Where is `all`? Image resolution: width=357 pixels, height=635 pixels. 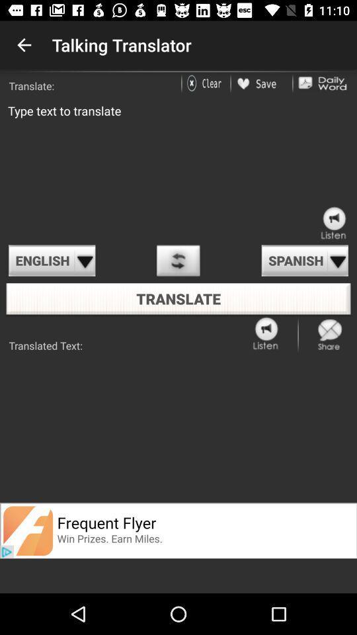 all is located at coordinates (333, 224).